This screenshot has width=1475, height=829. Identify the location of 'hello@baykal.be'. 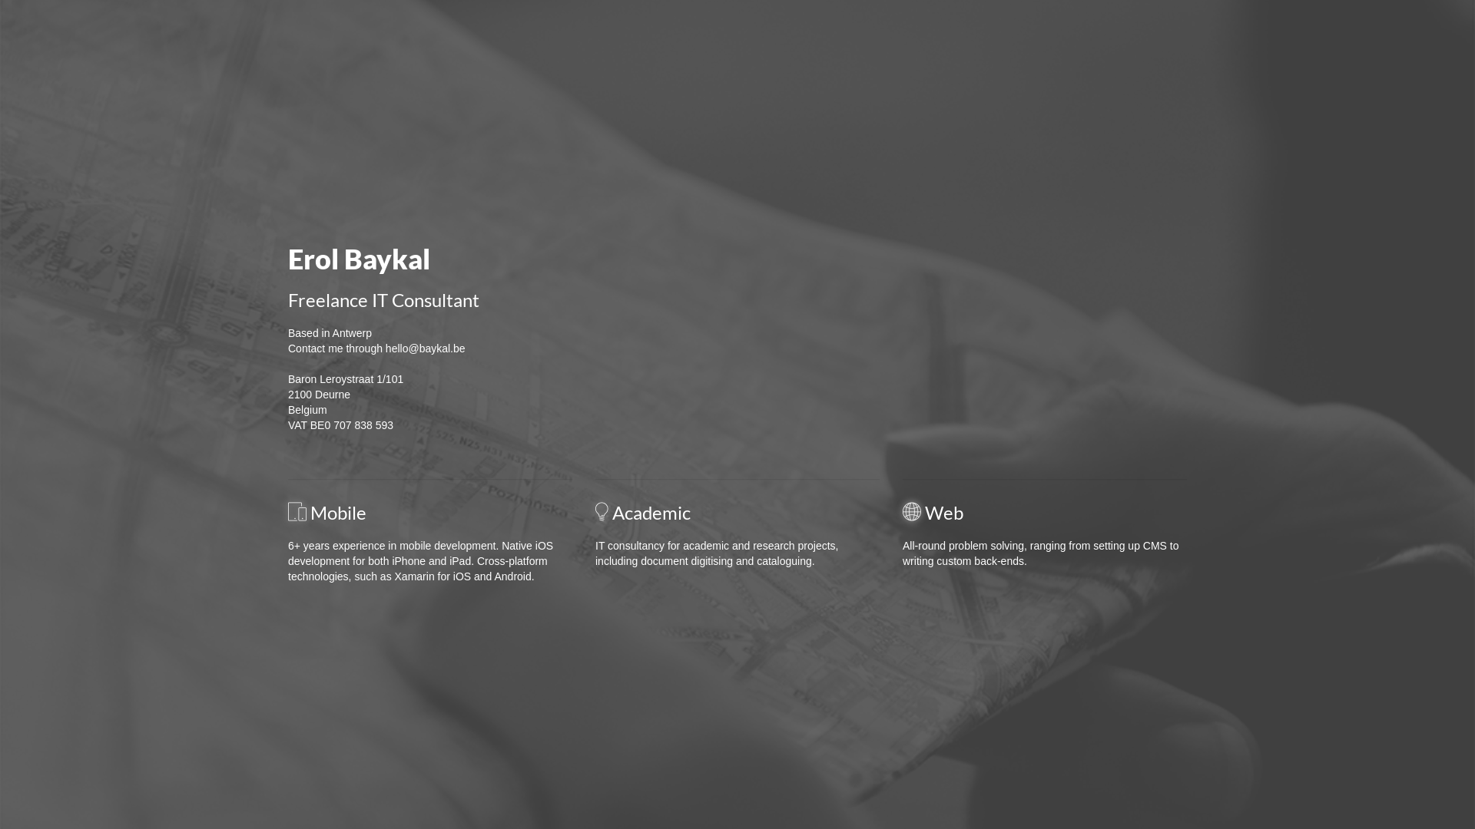
(425, 348).